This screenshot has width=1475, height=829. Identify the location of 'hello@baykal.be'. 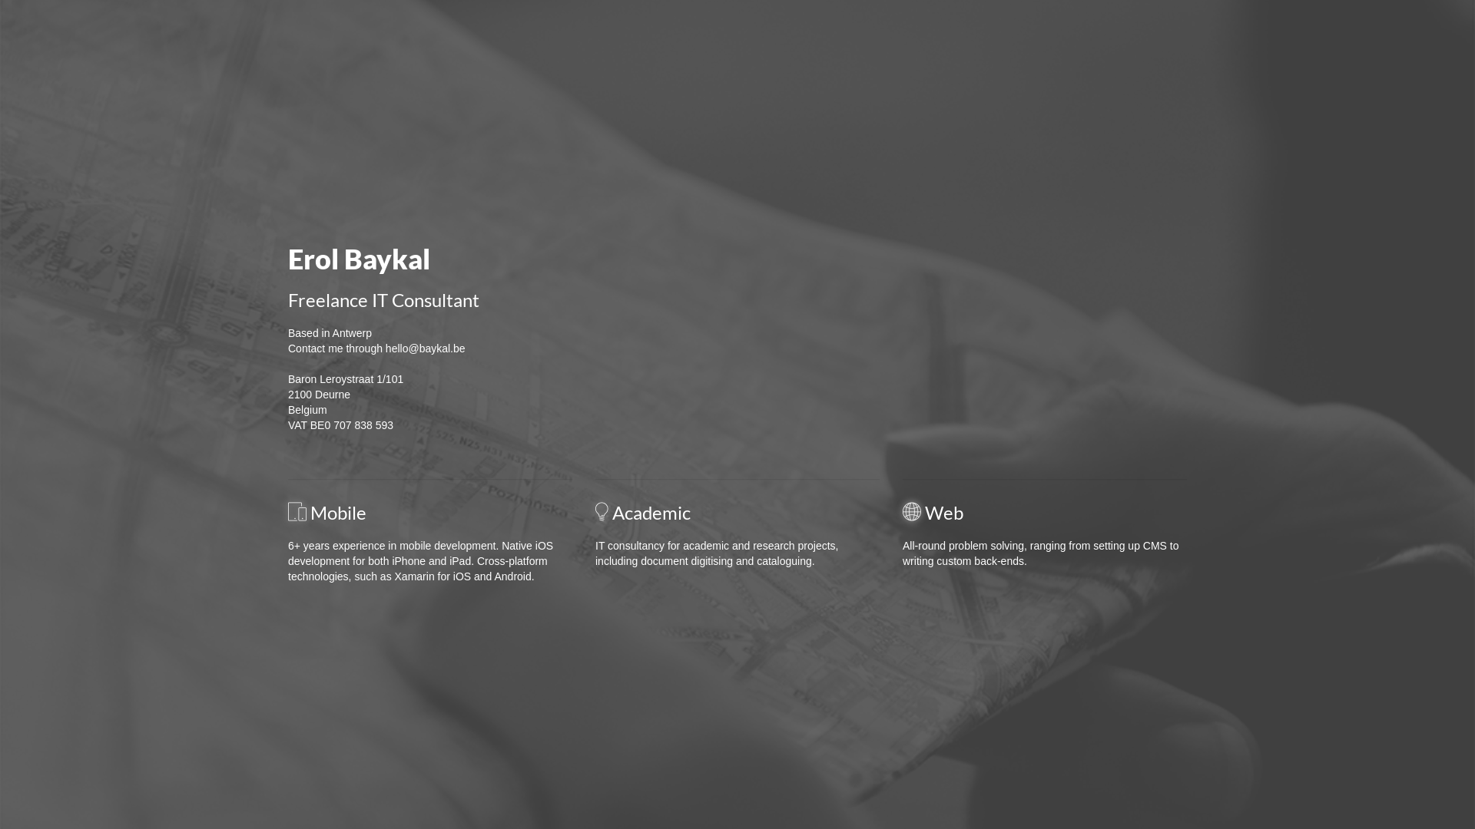
(425, 348).